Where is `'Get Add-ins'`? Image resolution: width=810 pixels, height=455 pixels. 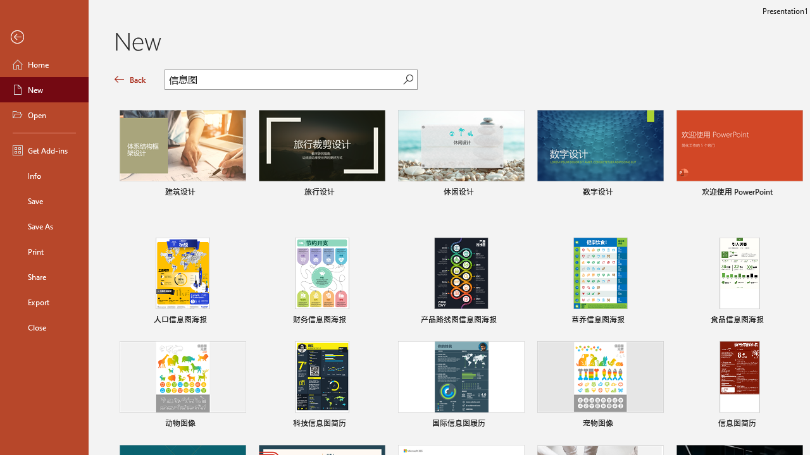 'Get Add-ins' is located at coordinates (44, 149).